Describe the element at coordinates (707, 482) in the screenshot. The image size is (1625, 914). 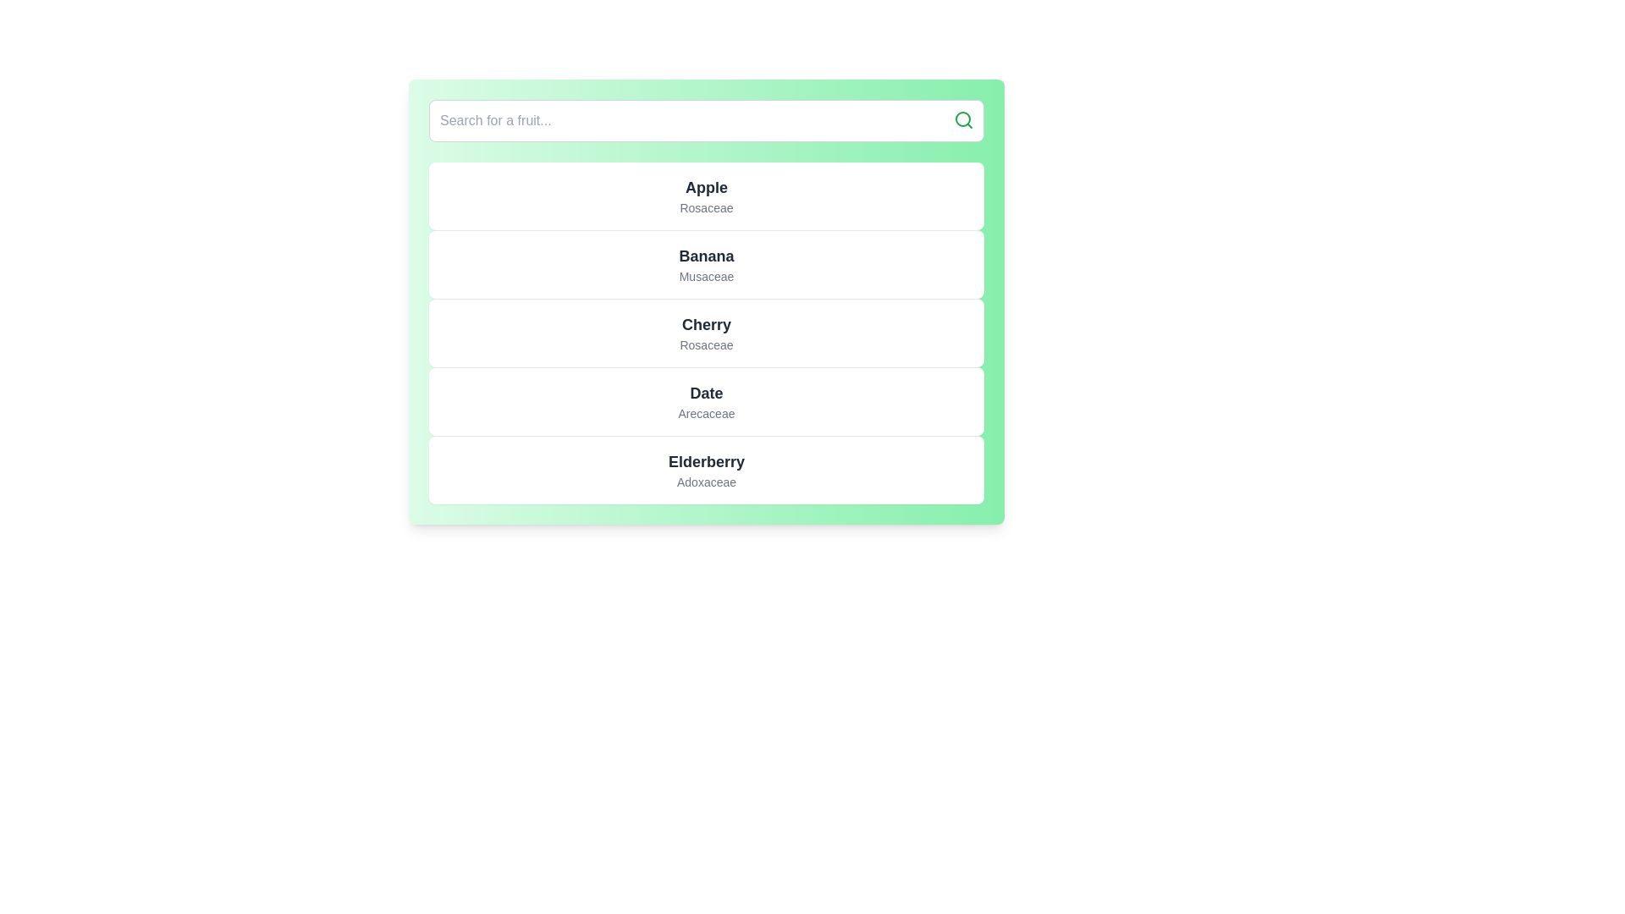
I see `the static text label displaying 'Adoxaceae', which is located below the larger text 'Elderberry' within the fifth card of a vertical list` at that location.